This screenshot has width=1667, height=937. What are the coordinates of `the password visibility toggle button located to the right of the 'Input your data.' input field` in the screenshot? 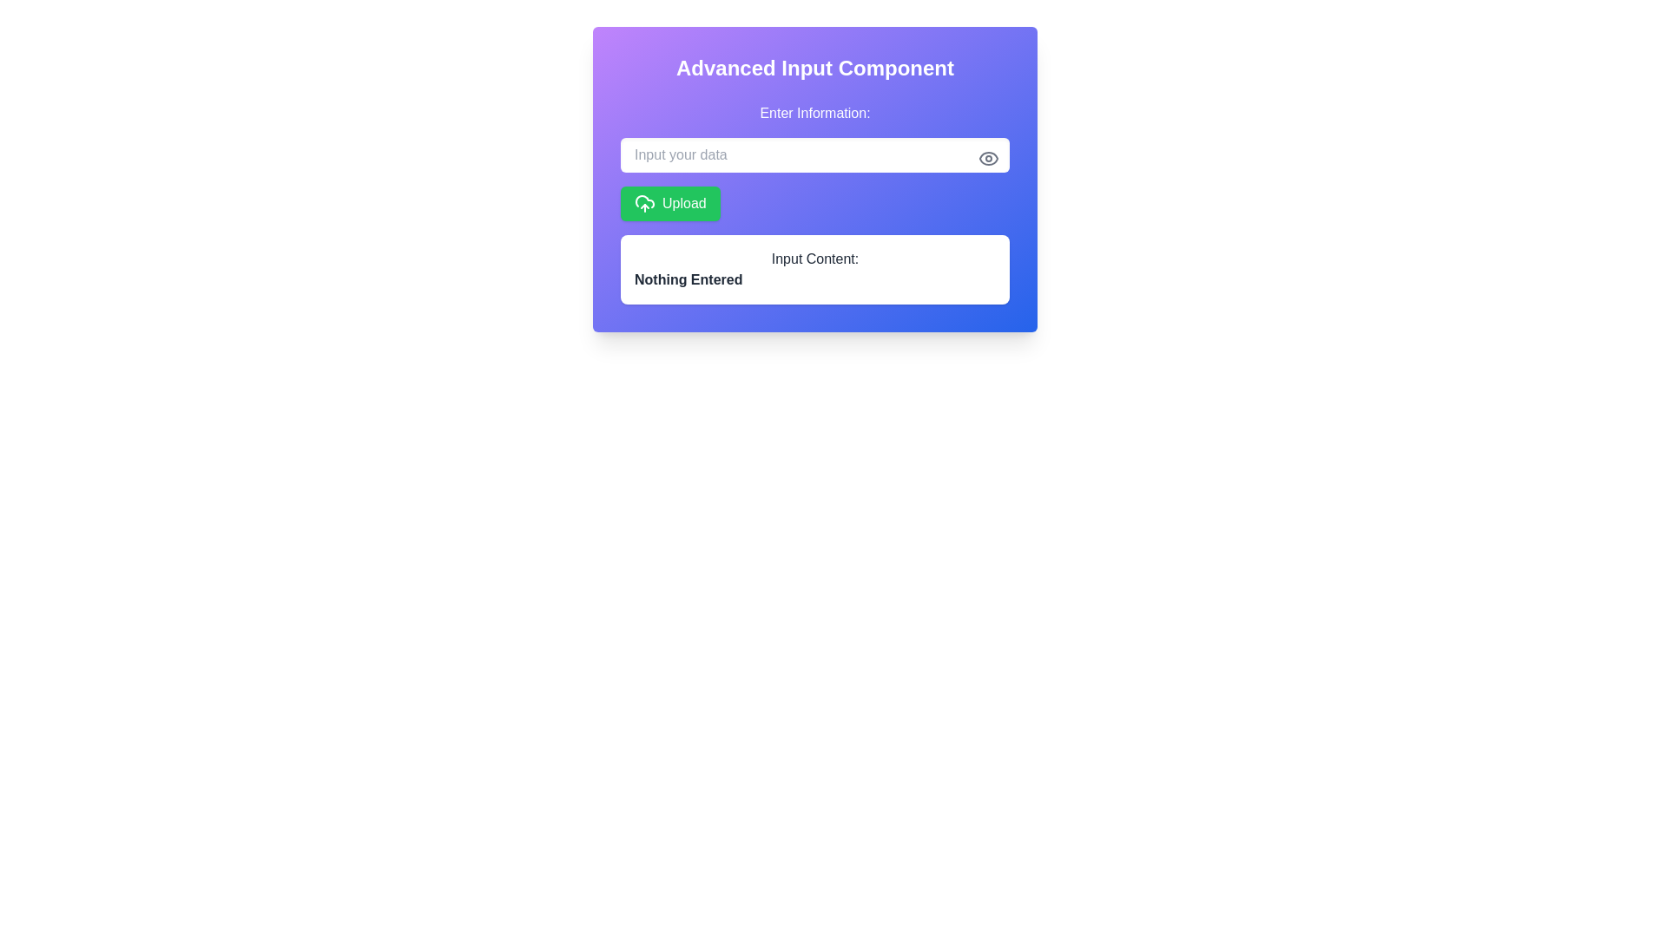 It's located at (988, 158).